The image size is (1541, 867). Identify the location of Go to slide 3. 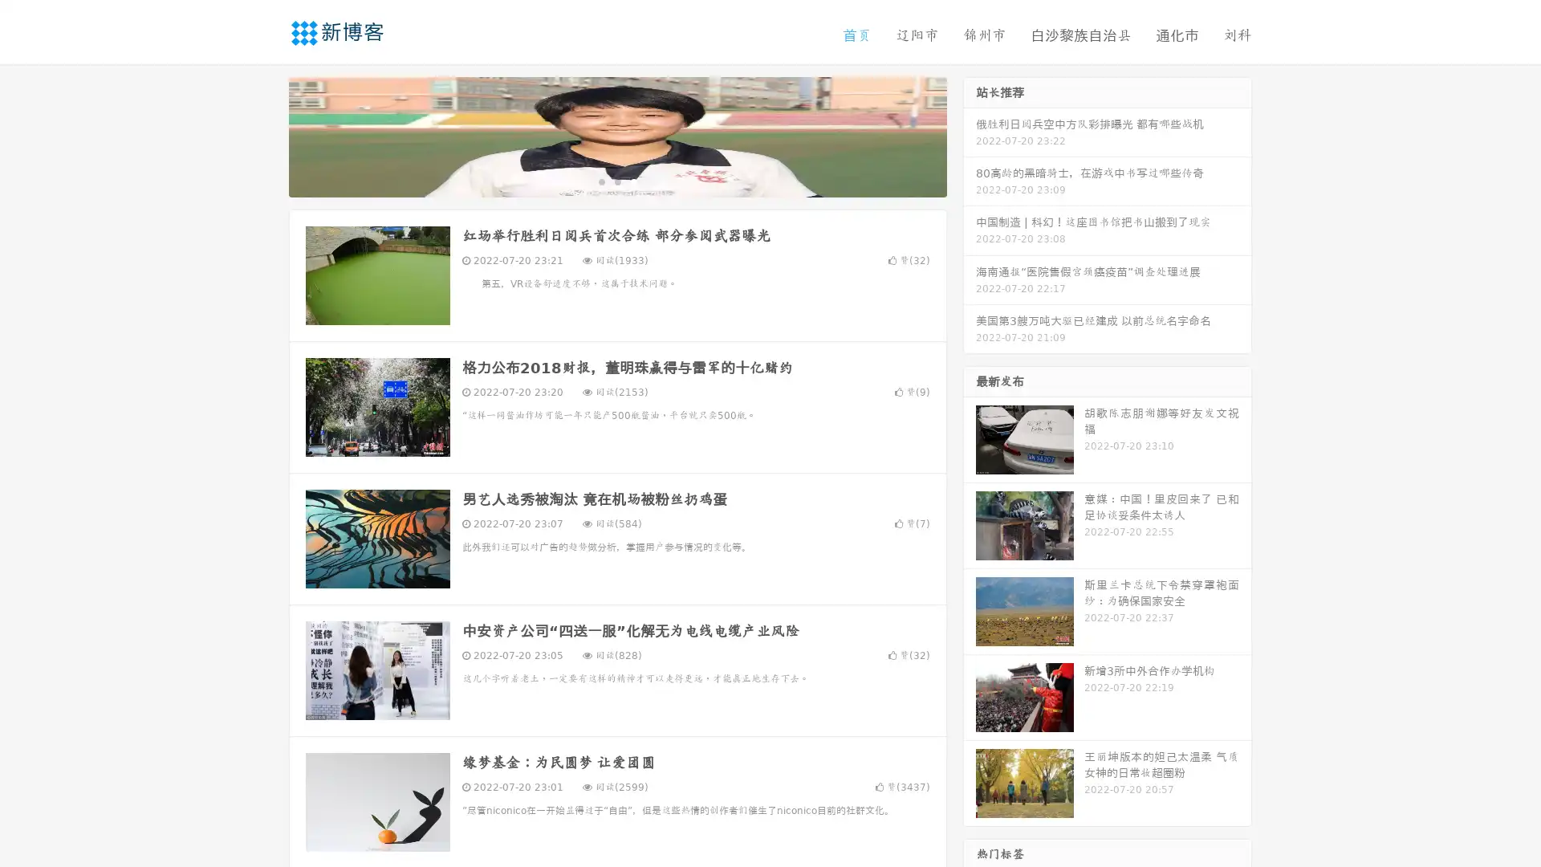
(633, 181).